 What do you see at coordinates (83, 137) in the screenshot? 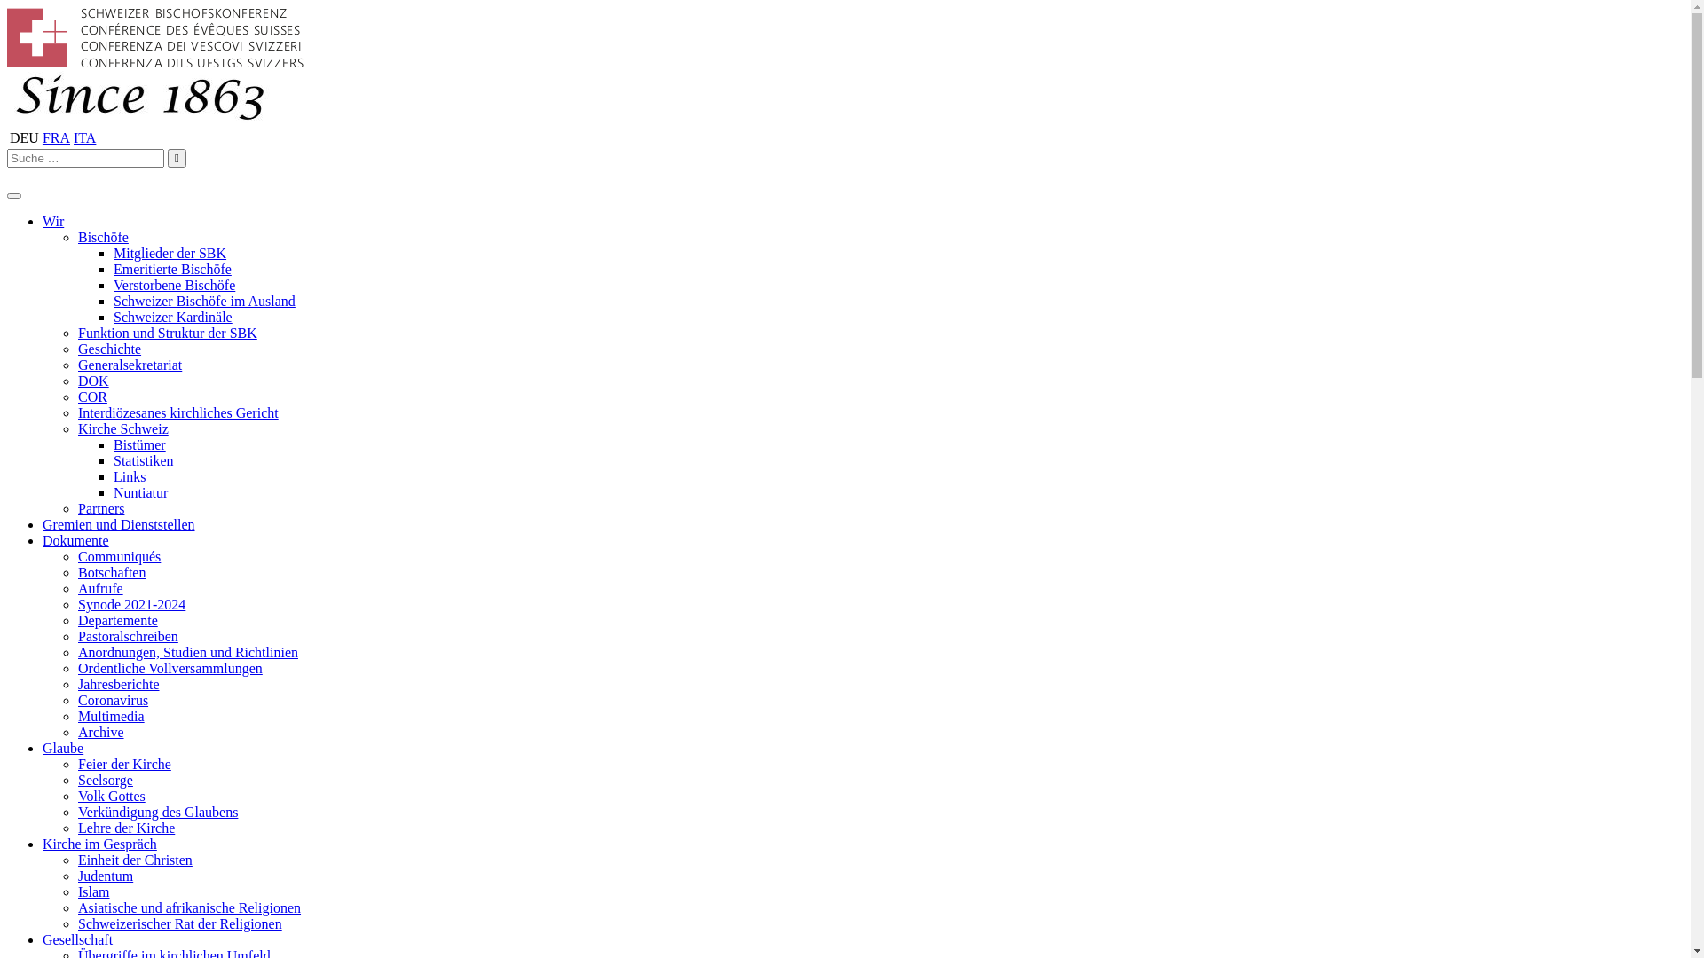
I see `'ITA'` at bounding box center [83, 137].